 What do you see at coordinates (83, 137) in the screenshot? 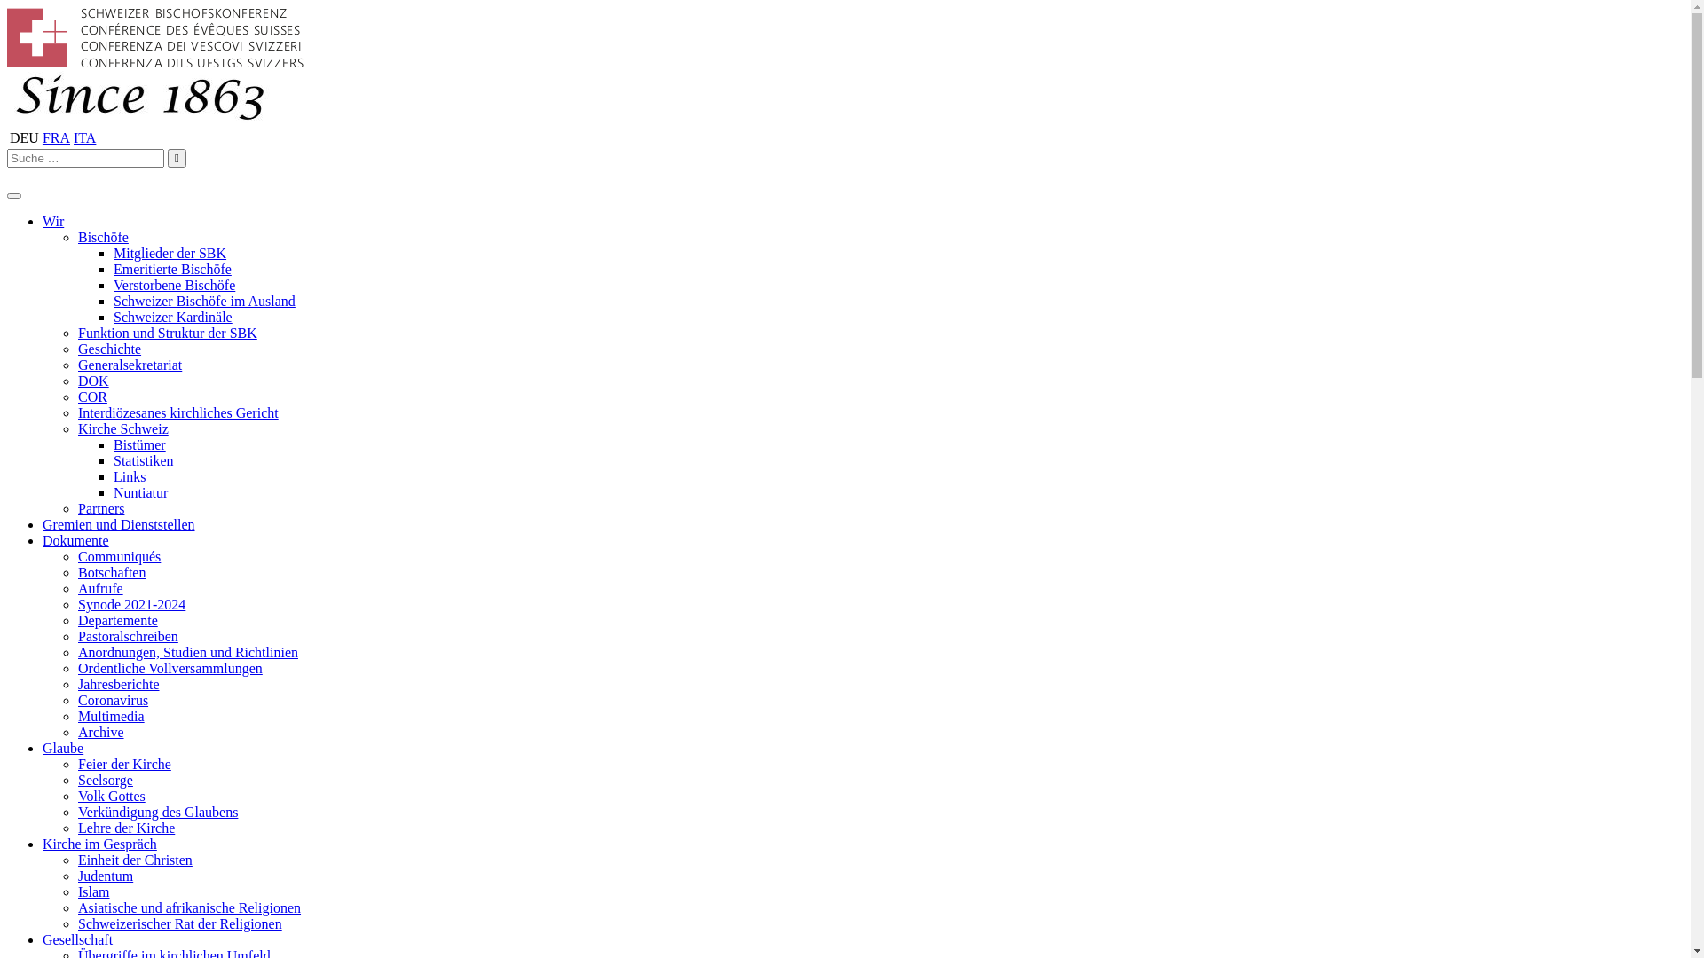
I see `'ITA'` at bounding box center [83, 137].